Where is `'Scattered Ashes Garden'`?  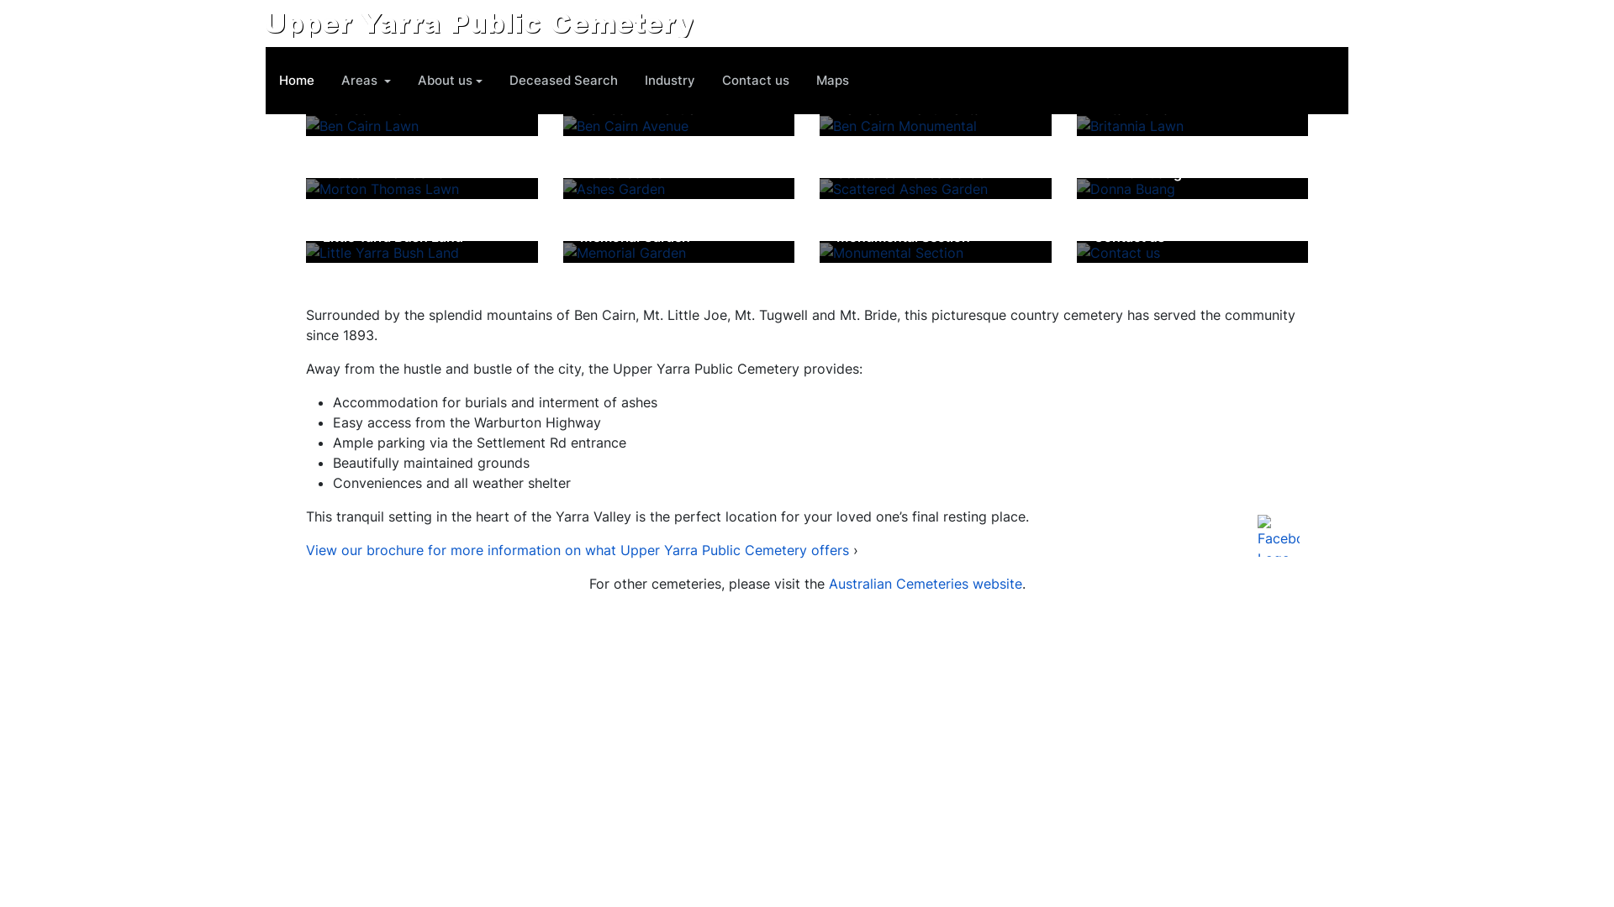 'Scattered Ashes Garden' is located at coordinates (836, 172).